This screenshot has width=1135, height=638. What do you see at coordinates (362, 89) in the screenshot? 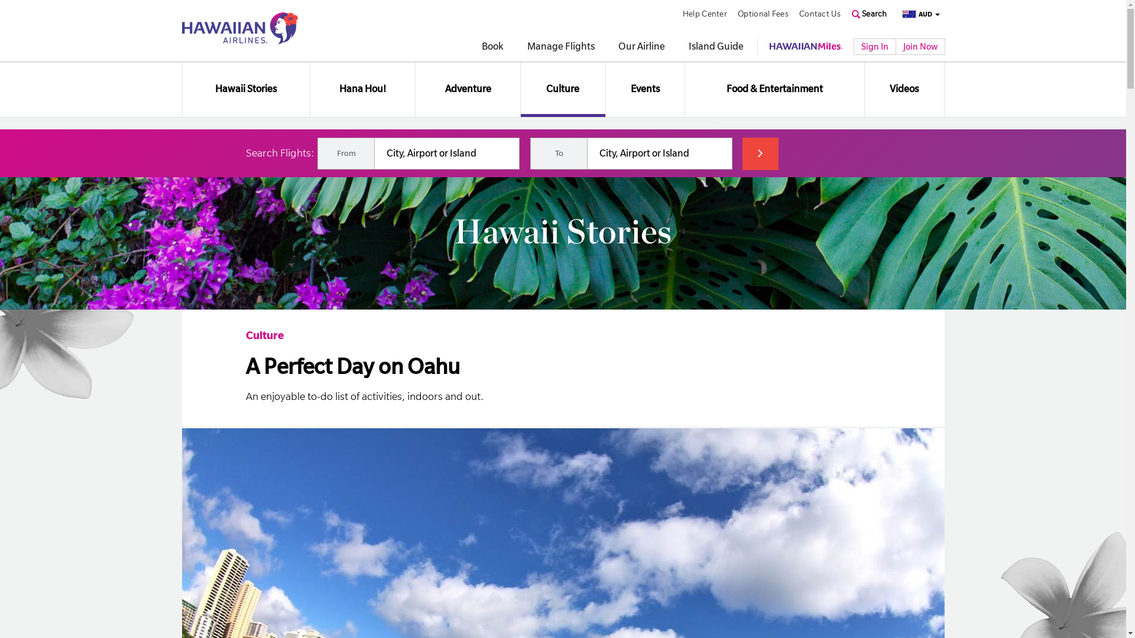
I see `'Hana Hou!'` at bounding box center [362, 89].